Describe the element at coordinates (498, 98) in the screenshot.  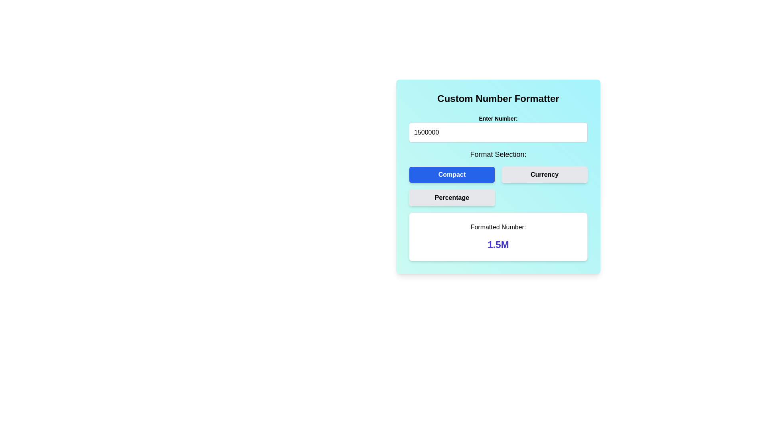
I see `the text label element that serves as a header or title for the number entry and formatting components` at that location.